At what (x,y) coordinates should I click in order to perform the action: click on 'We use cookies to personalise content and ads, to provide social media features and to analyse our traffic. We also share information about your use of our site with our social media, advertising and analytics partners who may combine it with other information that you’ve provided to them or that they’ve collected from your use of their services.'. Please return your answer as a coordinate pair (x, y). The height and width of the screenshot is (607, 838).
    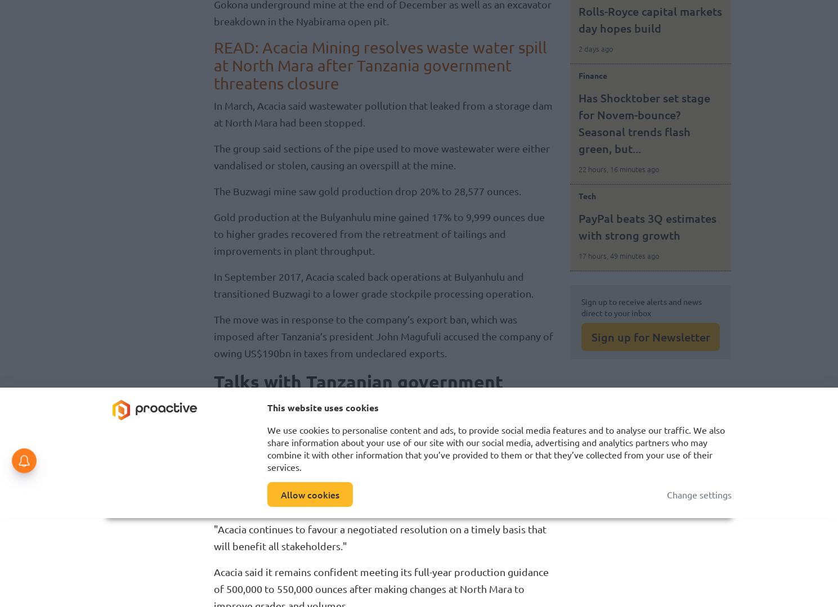
    Looking at the image, I should click on (266, 447).